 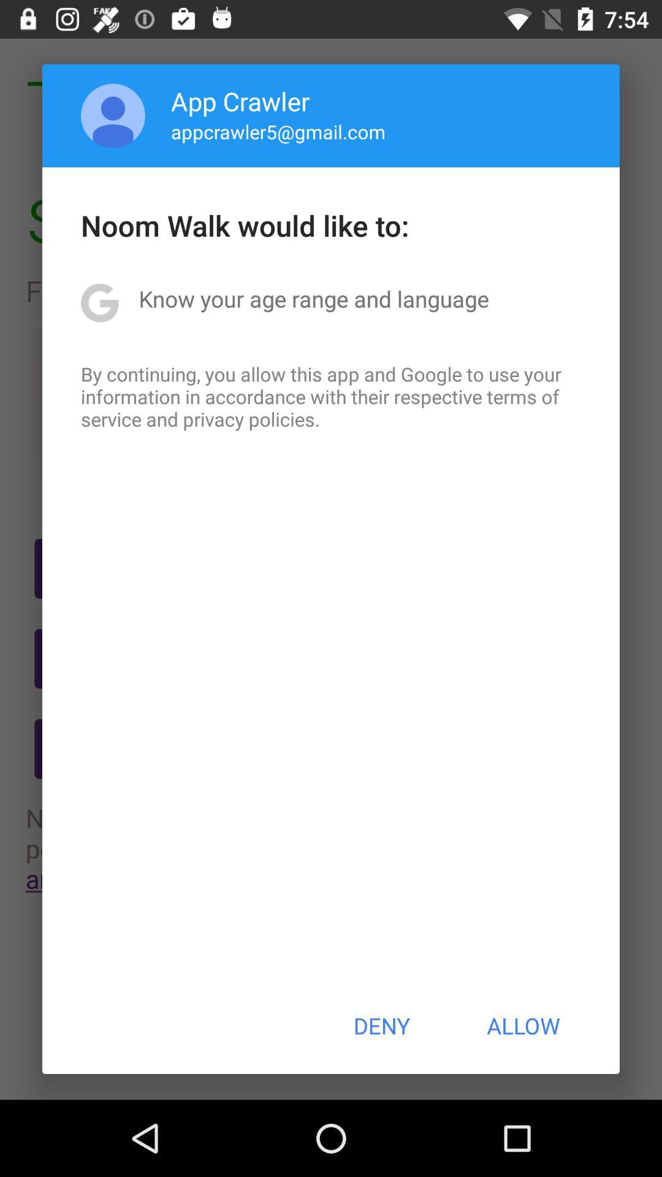 What do you see at coordinates (113, 115) in the screenshot?
I see `the icon to the left of the app crawler item` at bounding box center [113, 115].